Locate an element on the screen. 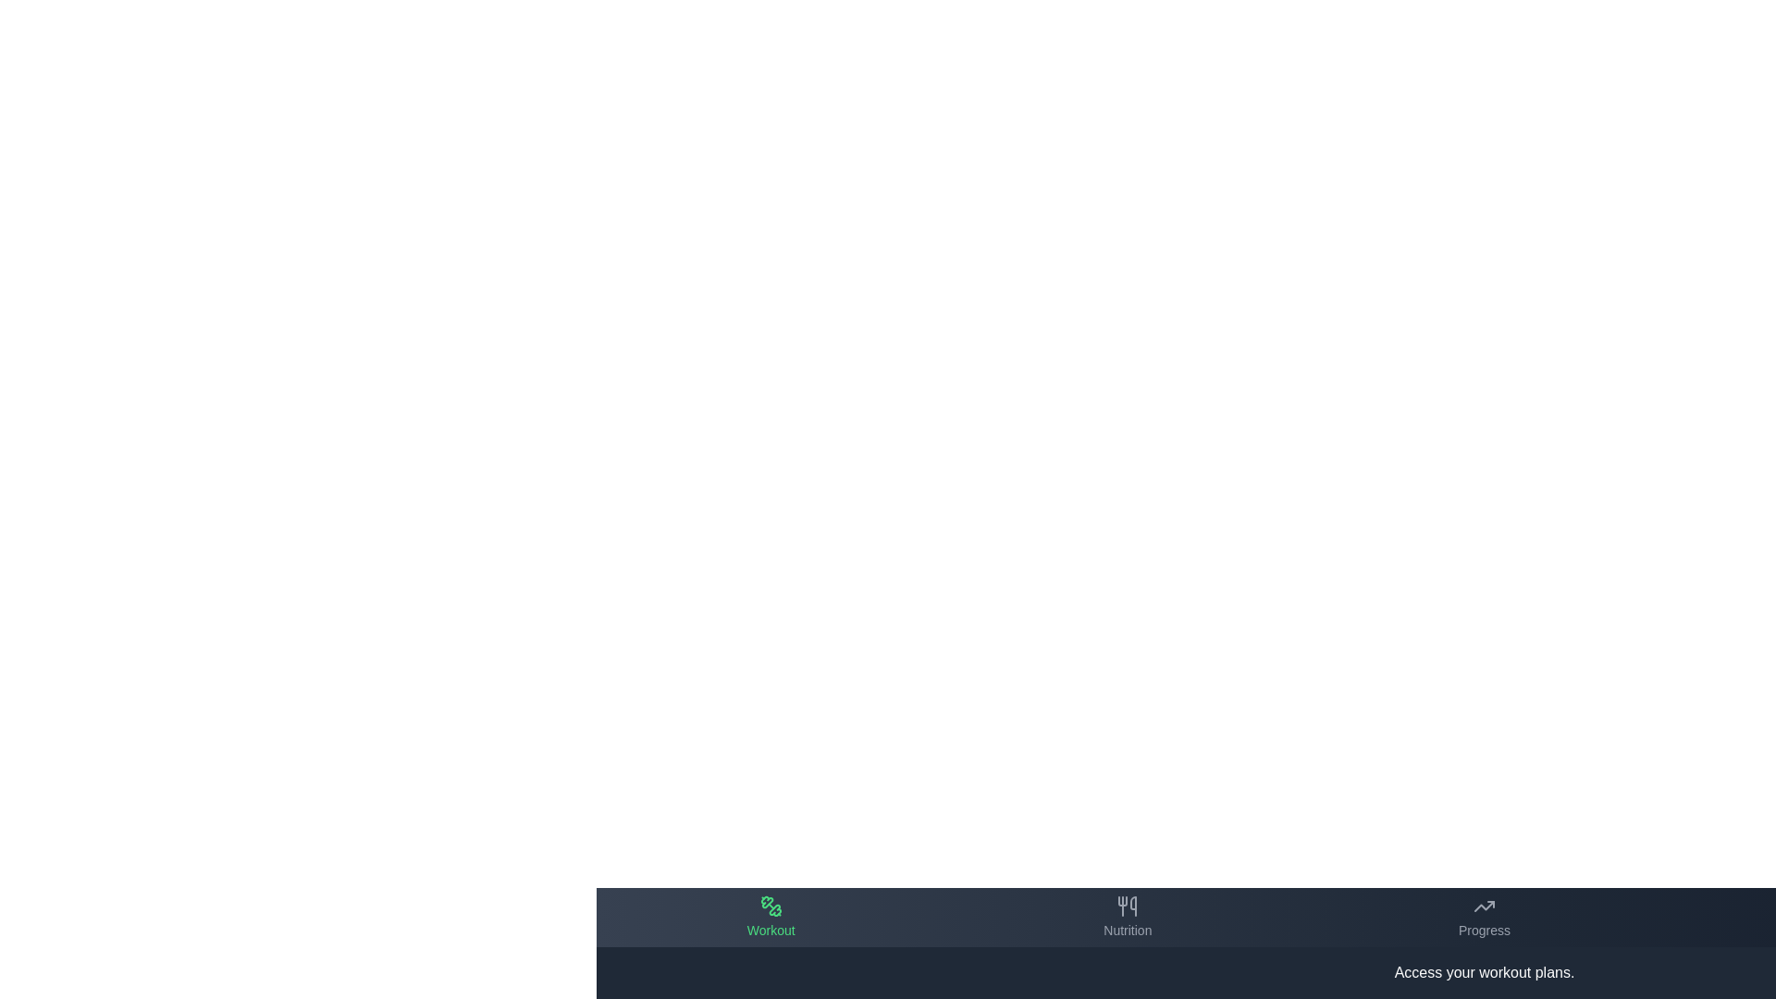  the tab labeled Workout in the bottom navigation bar is located at coordinates (771, 917).